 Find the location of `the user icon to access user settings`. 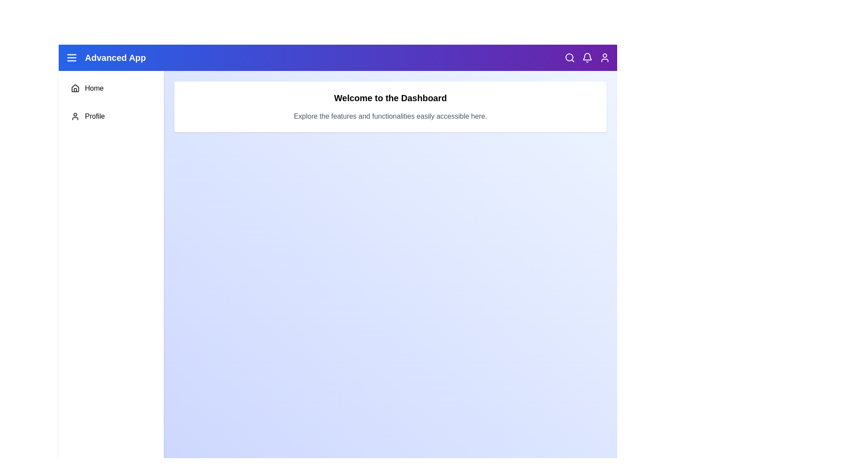

the user icon to access user settings is located at coordinates (604, 57).